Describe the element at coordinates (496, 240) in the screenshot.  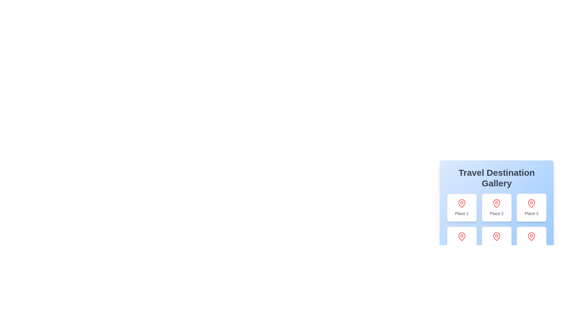
I see `the 'Place 5' card located in the center column of the second row in the 'Travel Destination Gallery'` at that location.